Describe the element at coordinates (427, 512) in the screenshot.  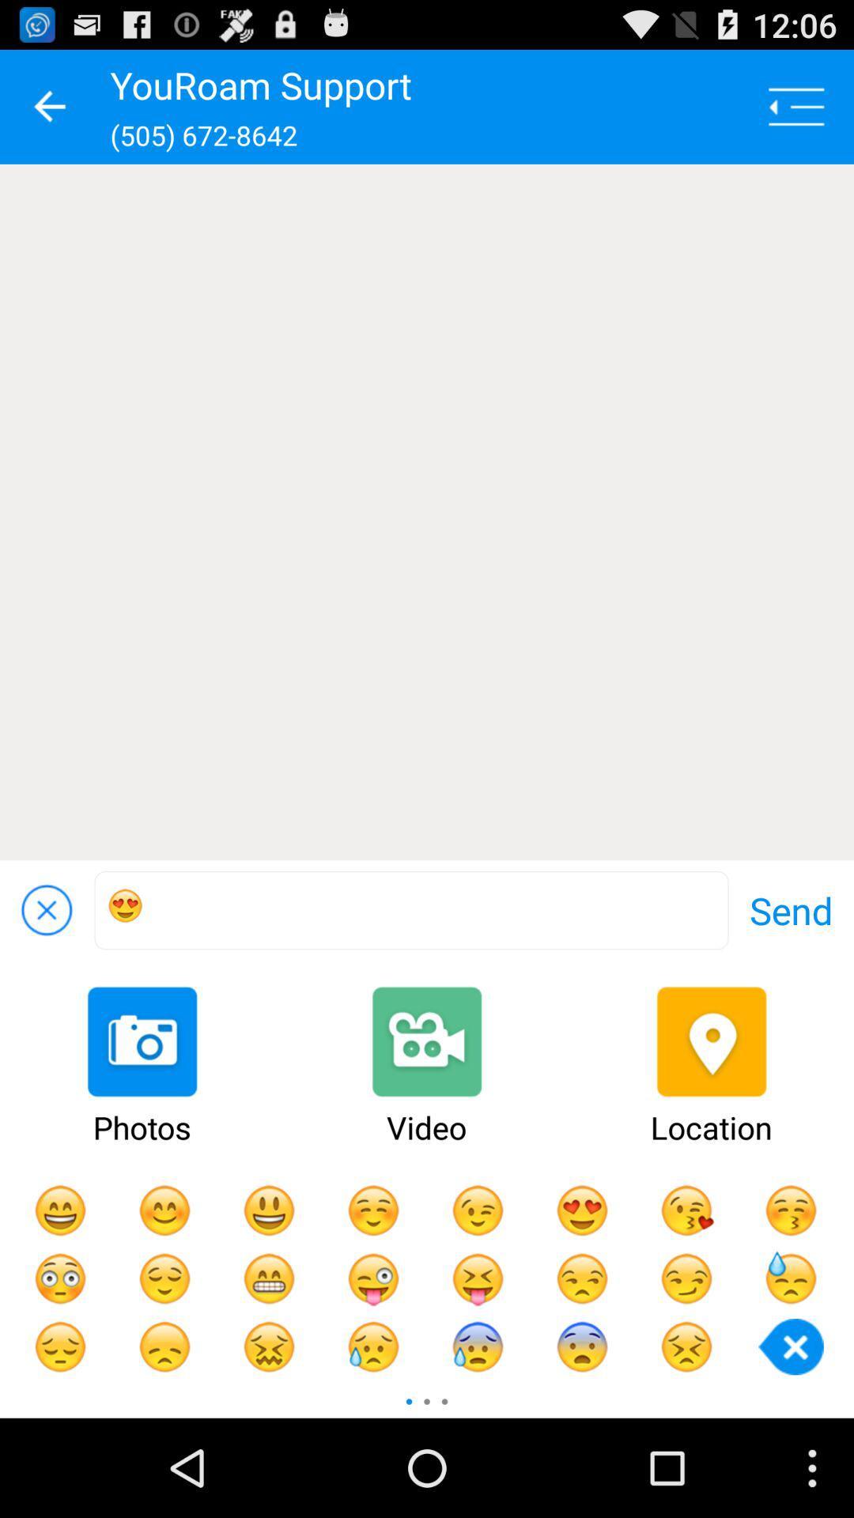
I see `icon below (505) 672-8642` at that location.